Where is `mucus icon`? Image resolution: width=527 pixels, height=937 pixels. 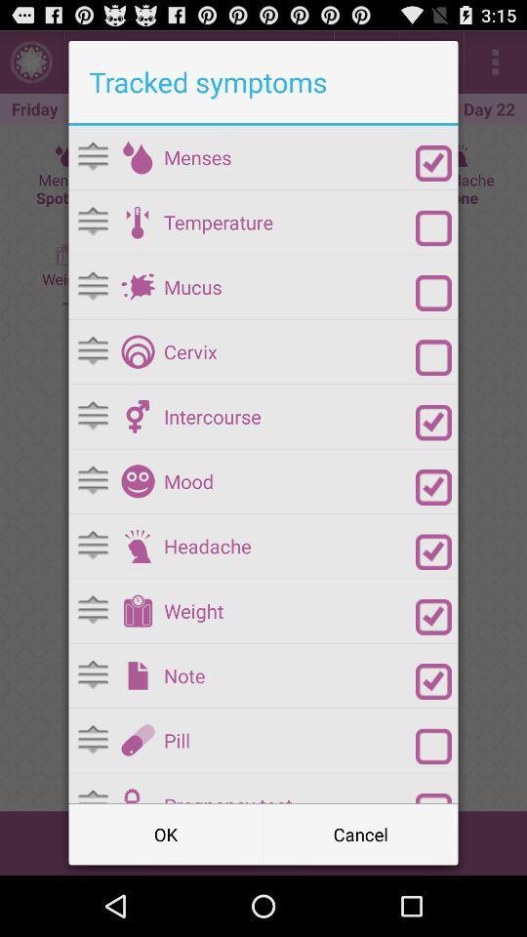 mucus icon is located at coordinates (289, 286).